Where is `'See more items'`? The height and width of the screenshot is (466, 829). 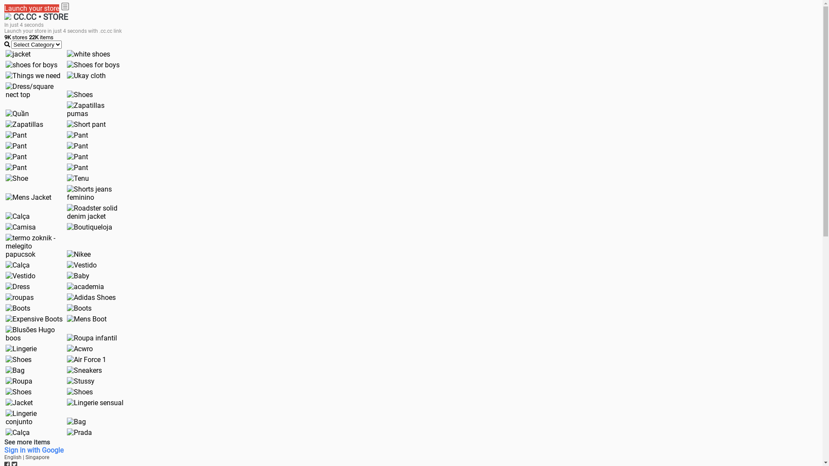
'See more items' is located at coordinates (27, 442).